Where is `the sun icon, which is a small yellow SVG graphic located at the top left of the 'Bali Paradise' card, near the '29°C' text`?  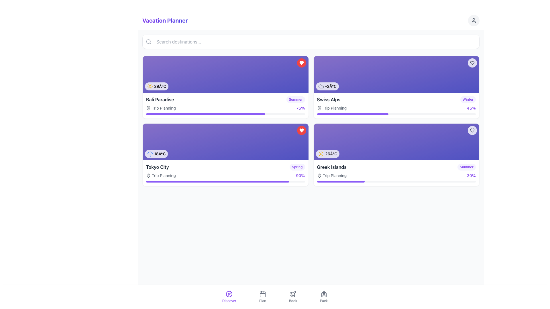 the sun icon, which is a small yellow SVG graphic located at the top left of the 'Bali Paradise' card, near the '29°C' text is located at coordinates (150, 86).